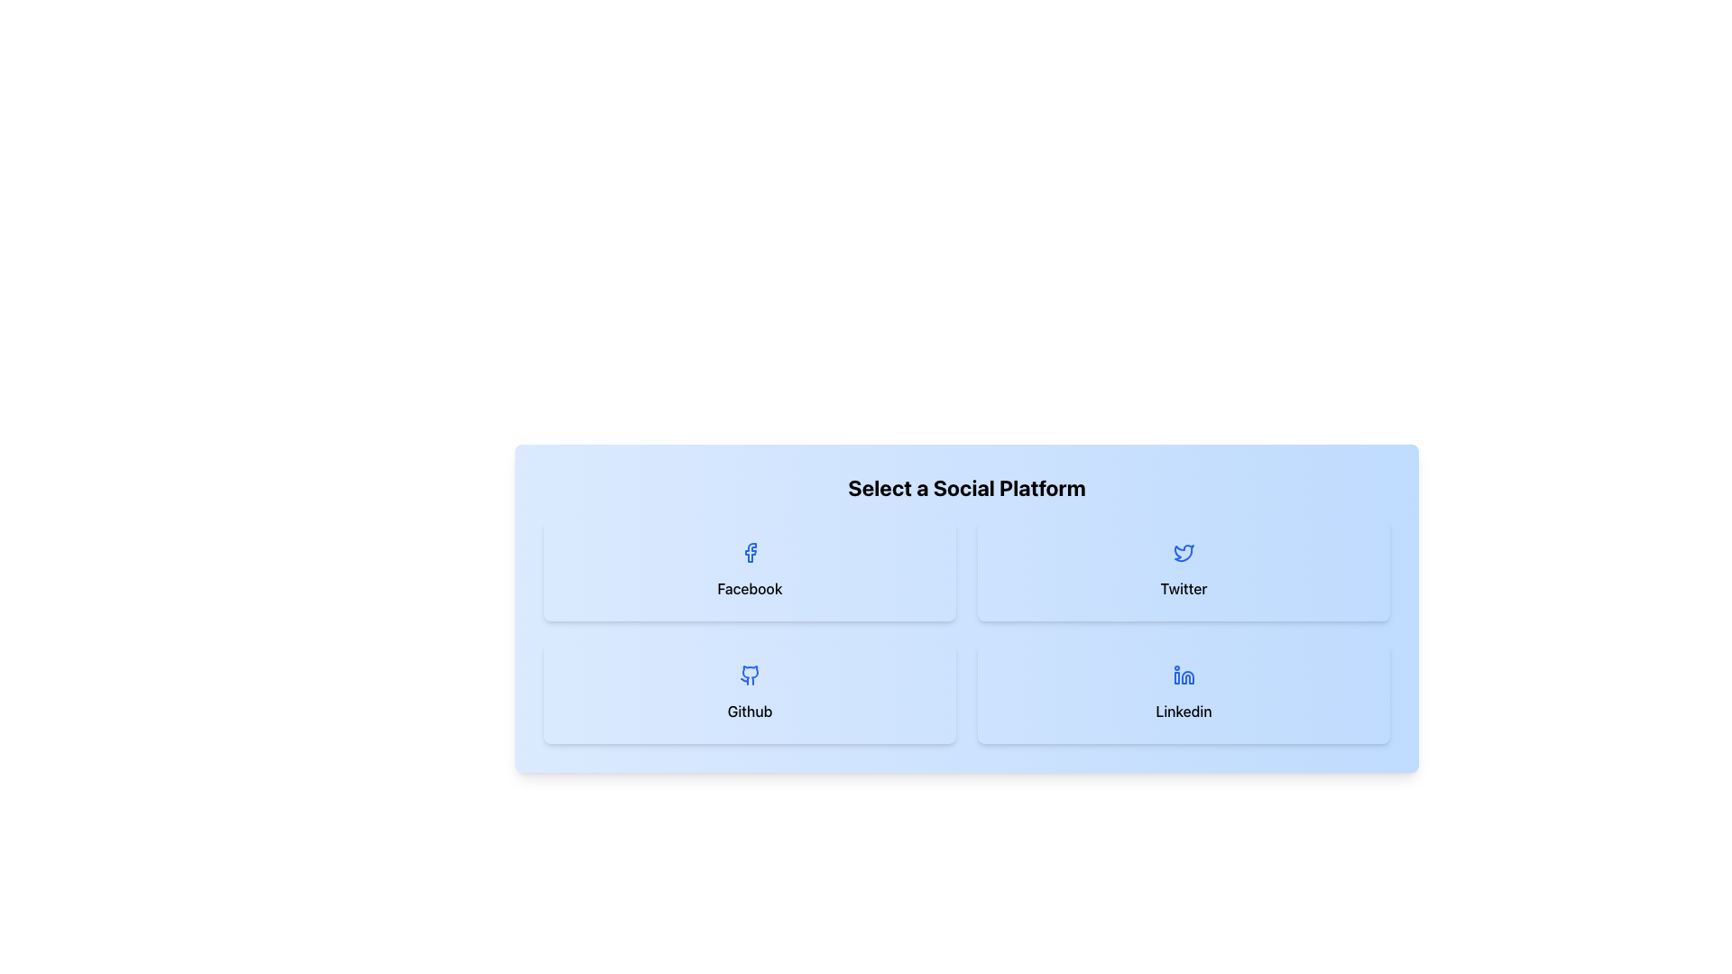  I want to click on the Facebook icon located, so click(750, 552).